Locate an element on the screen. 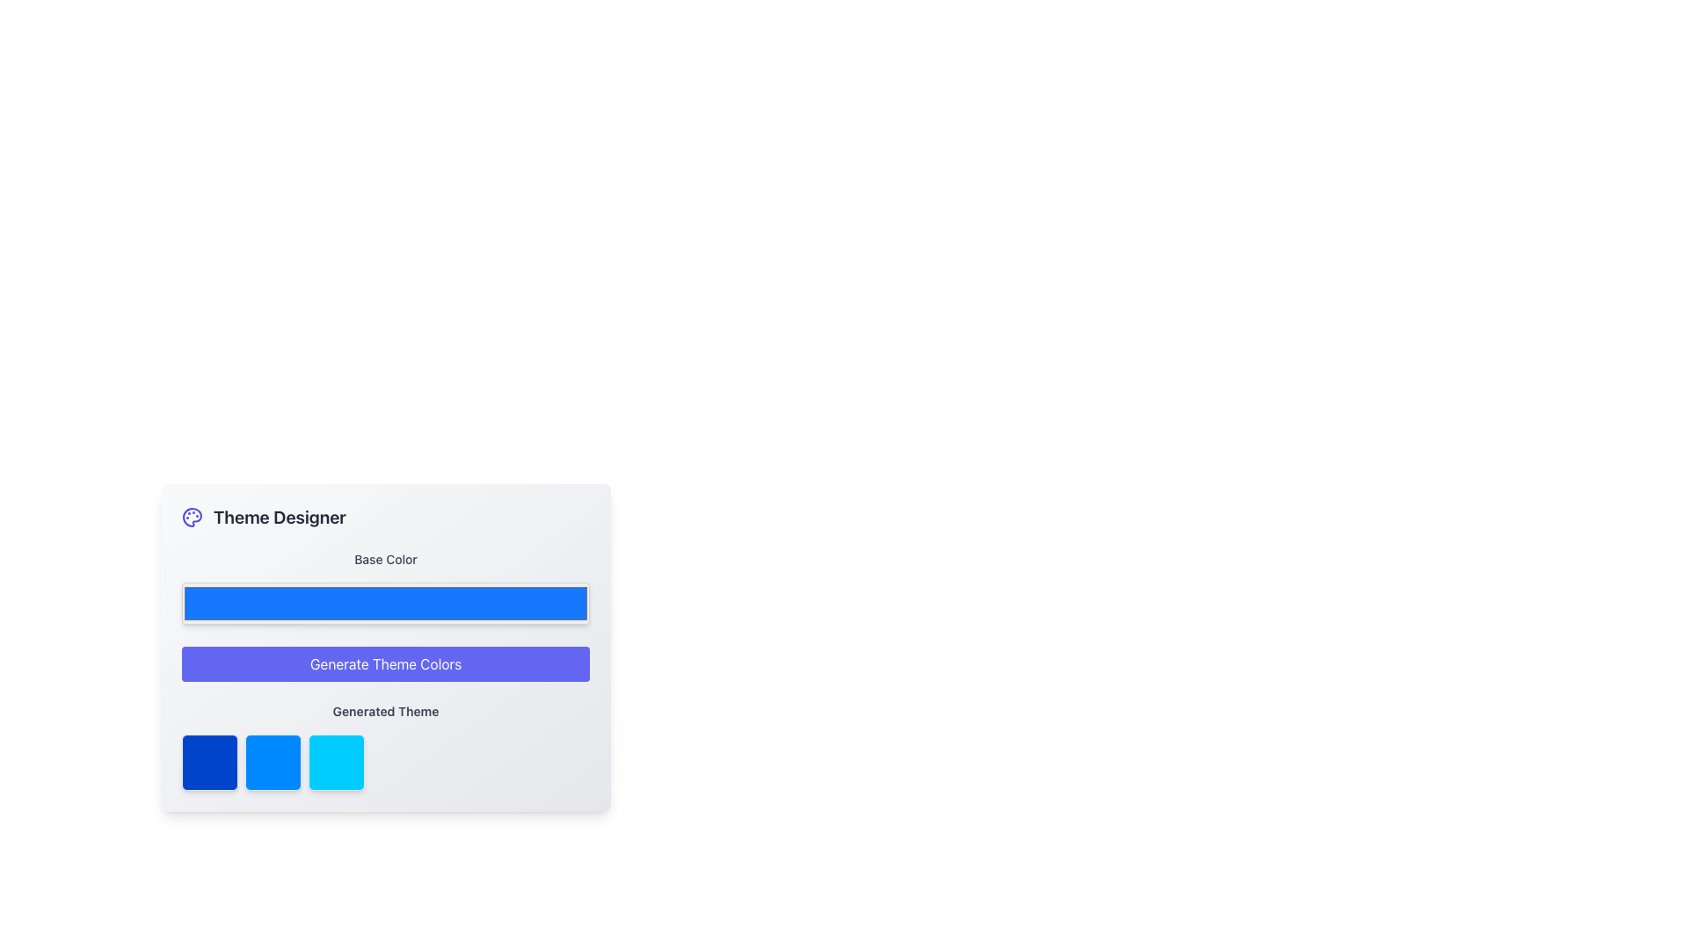 The width and height of the screenshot is (1688, 949). the Color picker box located in the 'Theme Designer' section, positioned below the 'Base Color' label and above the 'Generate Theme Colors' button is located at coordinates (384, 587).